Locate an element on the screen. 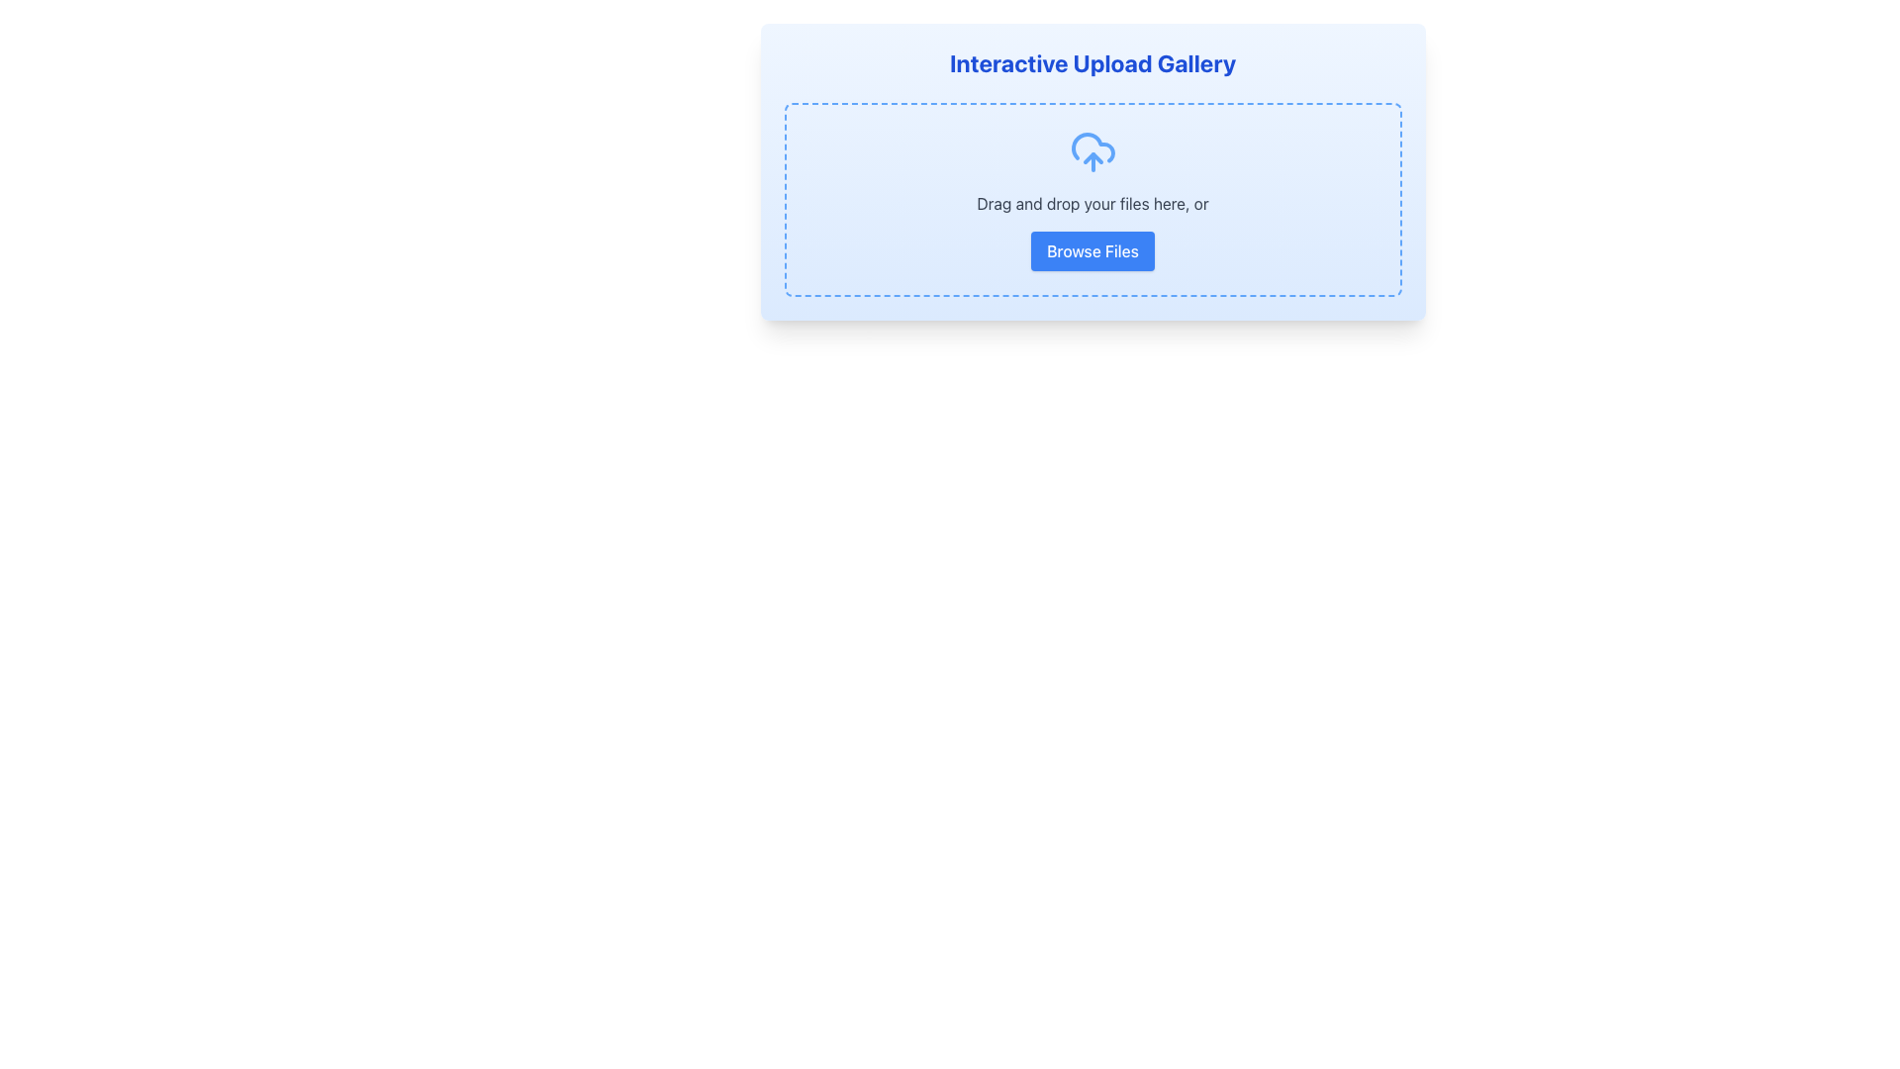 This screenshot has width=1900, height=1069. the informational text label that directs users to drag and drop files or use the 'Browse Files' button is located at coordinates (1092, 203).